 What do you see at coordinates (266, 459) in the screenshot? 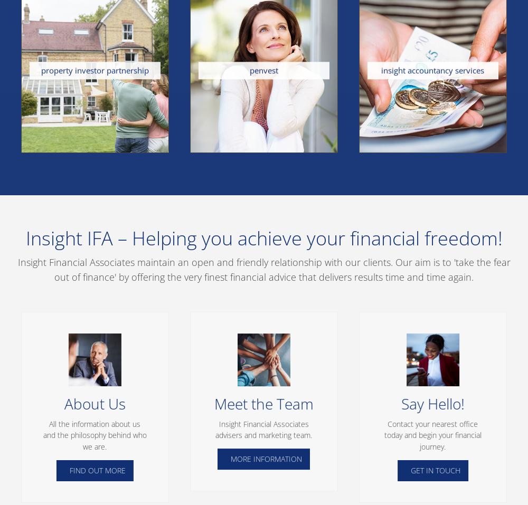
I see `'MORE INFORMATION'` at bounding box center [266, 459].